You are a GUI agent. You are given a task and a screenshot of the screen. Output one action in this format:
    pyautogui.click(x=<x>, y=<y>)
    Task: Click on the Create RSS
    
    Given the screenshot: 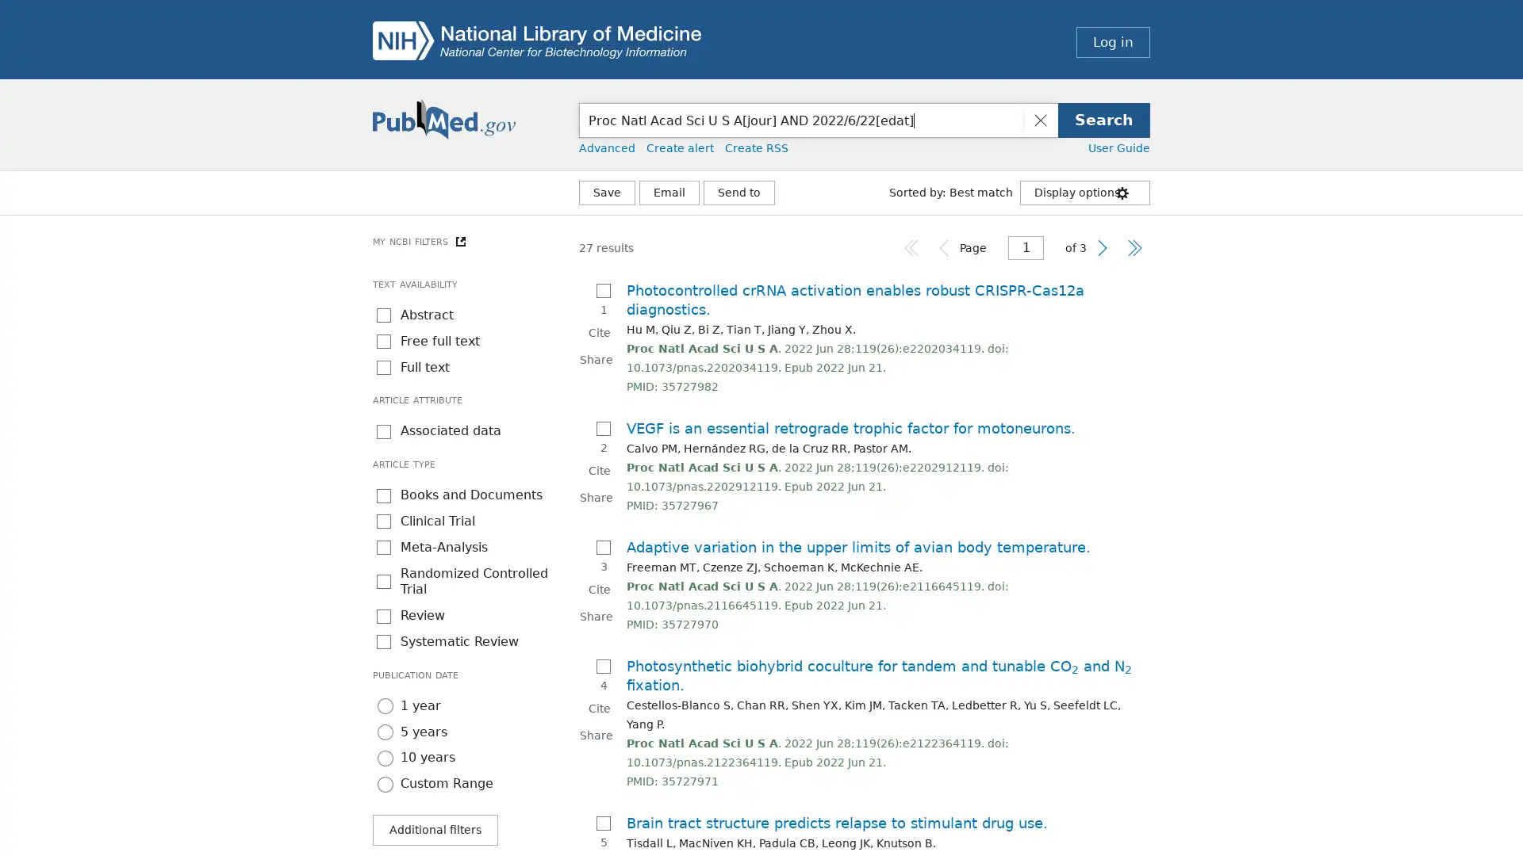 What is the action you would take?
    pyautogui.click(x=756, y=147)
    